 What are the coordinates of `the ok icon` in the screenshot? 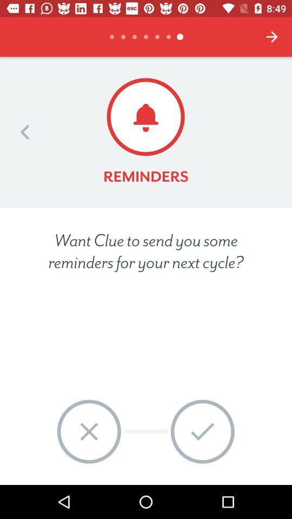 It's located at (202, 431).